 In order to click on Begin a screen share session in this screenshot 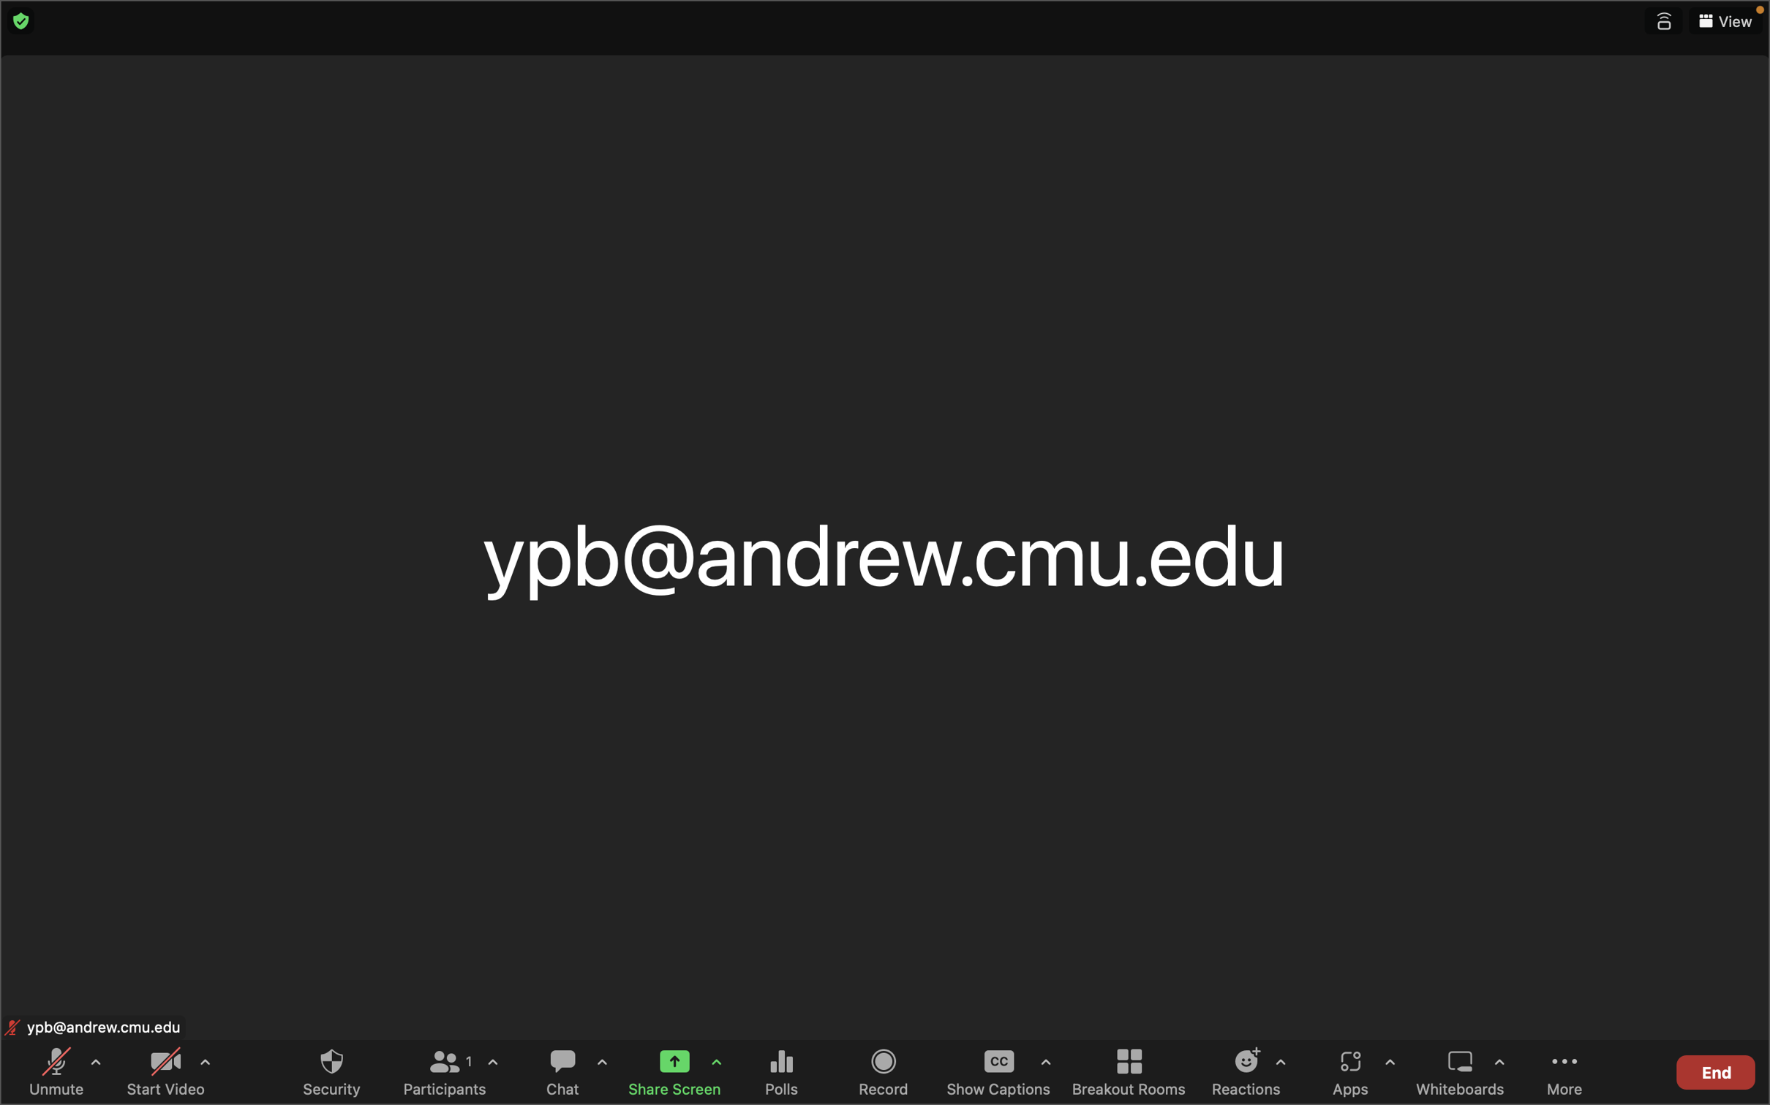, I will do `click(669, 1069)`.